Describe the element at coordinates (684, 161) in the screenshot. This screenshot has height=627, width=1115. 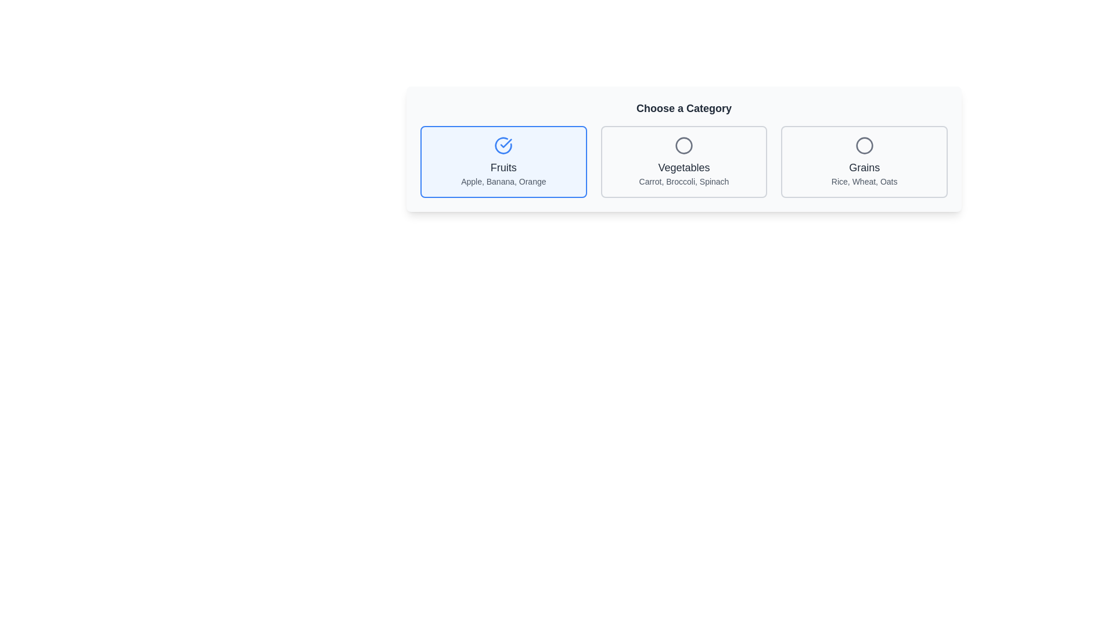
I see `on the 'Vegetables' card component, which is the middle card in a group of three horizontally aligned cards` at that location.